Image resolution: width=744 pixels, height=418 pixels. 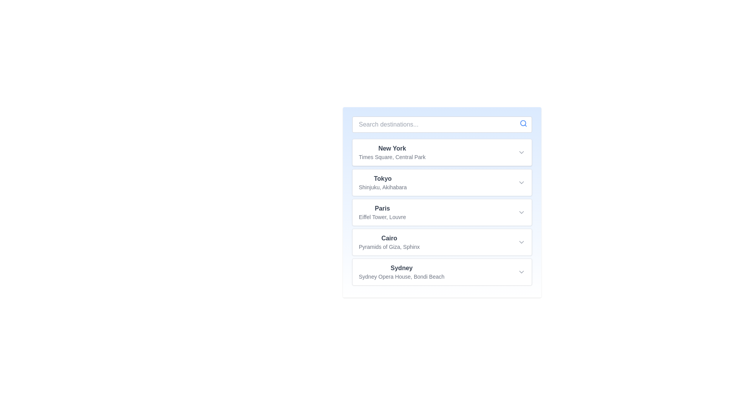 What do you see at coordinates (392, 152) in the screenshot?
I see `the first item in the vertical list of destinations, which displays information about a specific destination's name and notable locations` at bounding box center [392, 152].